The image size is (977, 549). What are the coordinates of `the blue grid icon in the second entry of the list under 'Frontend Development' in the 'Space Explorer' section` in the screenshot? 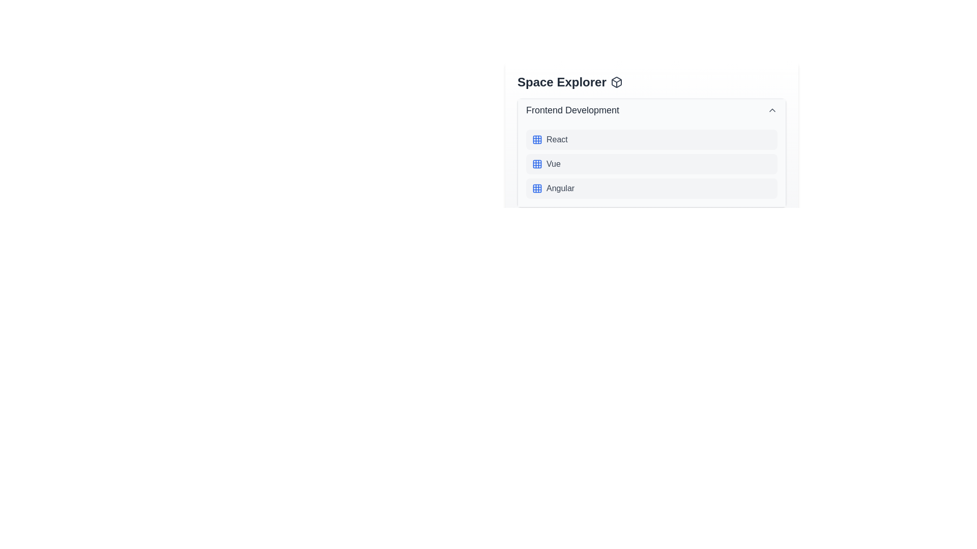 It's located at (537, 164).